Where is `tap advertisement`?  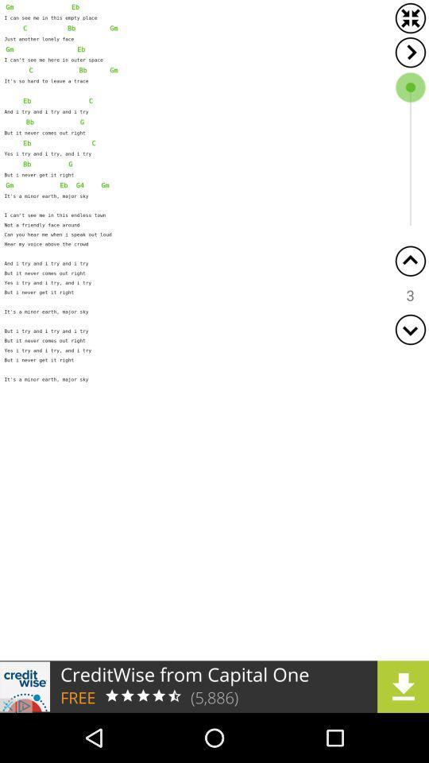 tap advertisement is located at coordinates (214, 686).